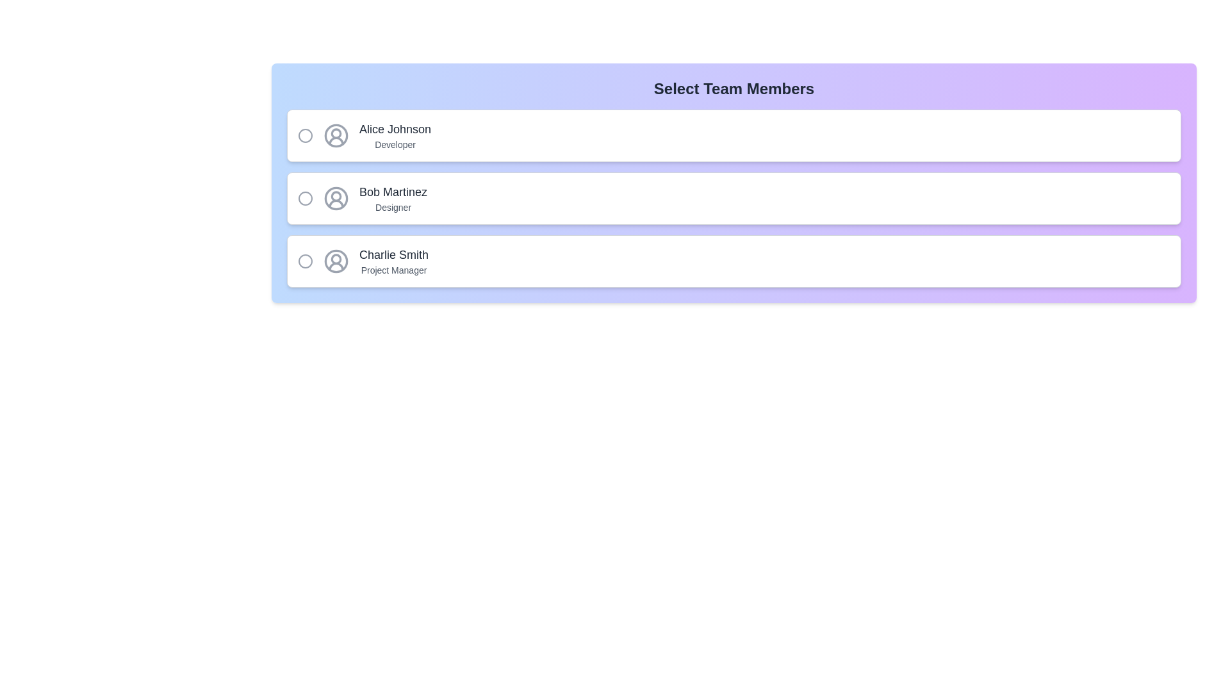 The image size is (1230, 692). Describe the element at coordinates (304, 261) in the screenshot. I see `the checkbox located at the top-left corner of the card display for 'Charlie Smith'` at that location.